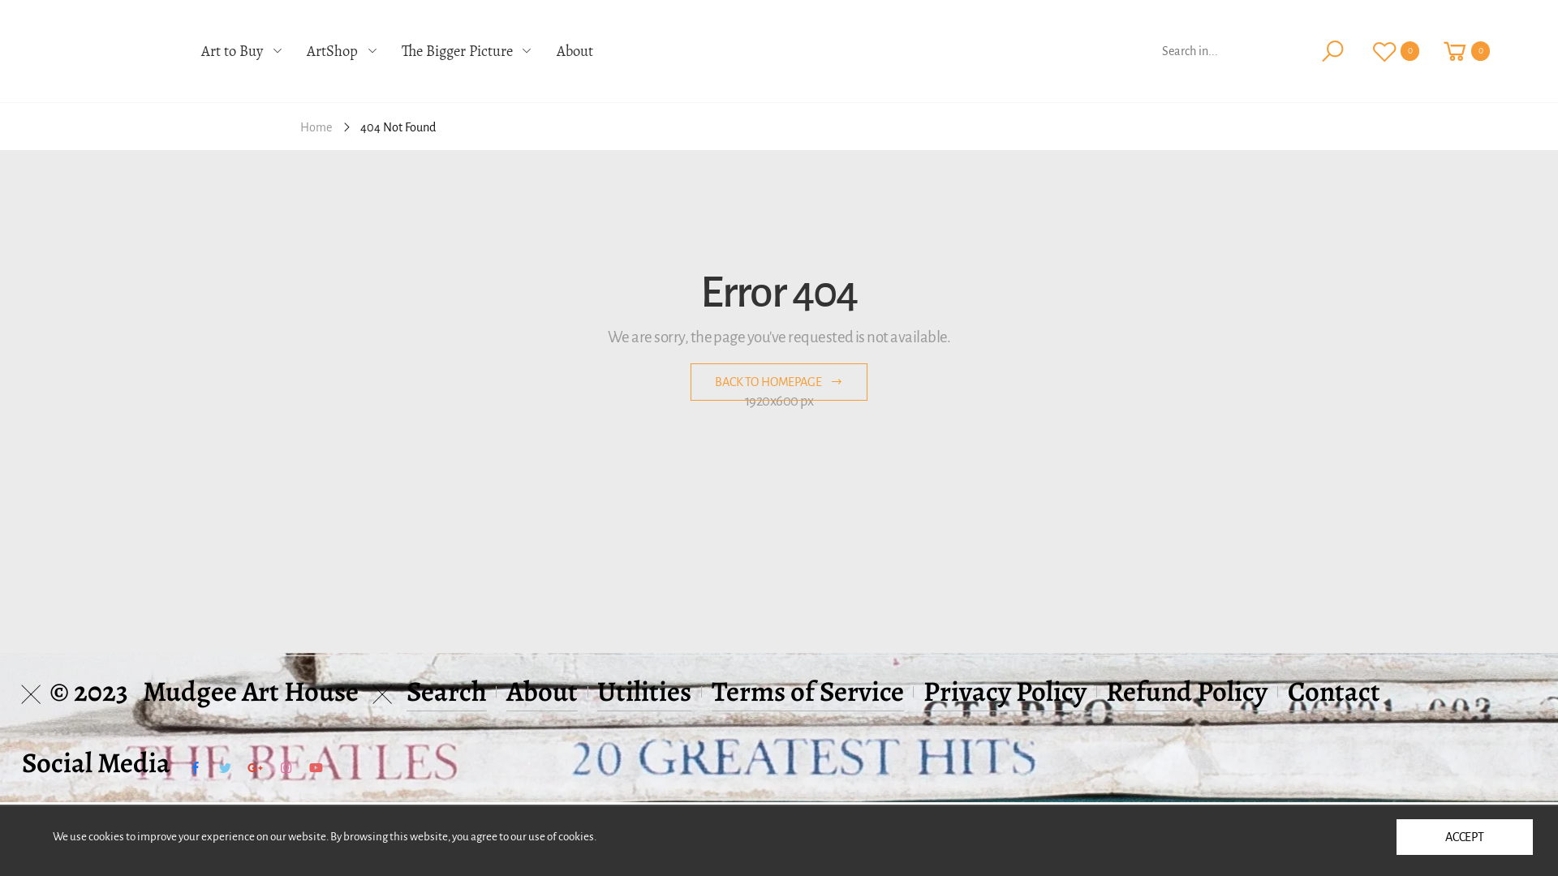 Image resolution: width=1558 pixels, height=876 pixels. Describe the element at coordinates (240, 50) in the screenshot. I see `'Art to Buy'` at that location.